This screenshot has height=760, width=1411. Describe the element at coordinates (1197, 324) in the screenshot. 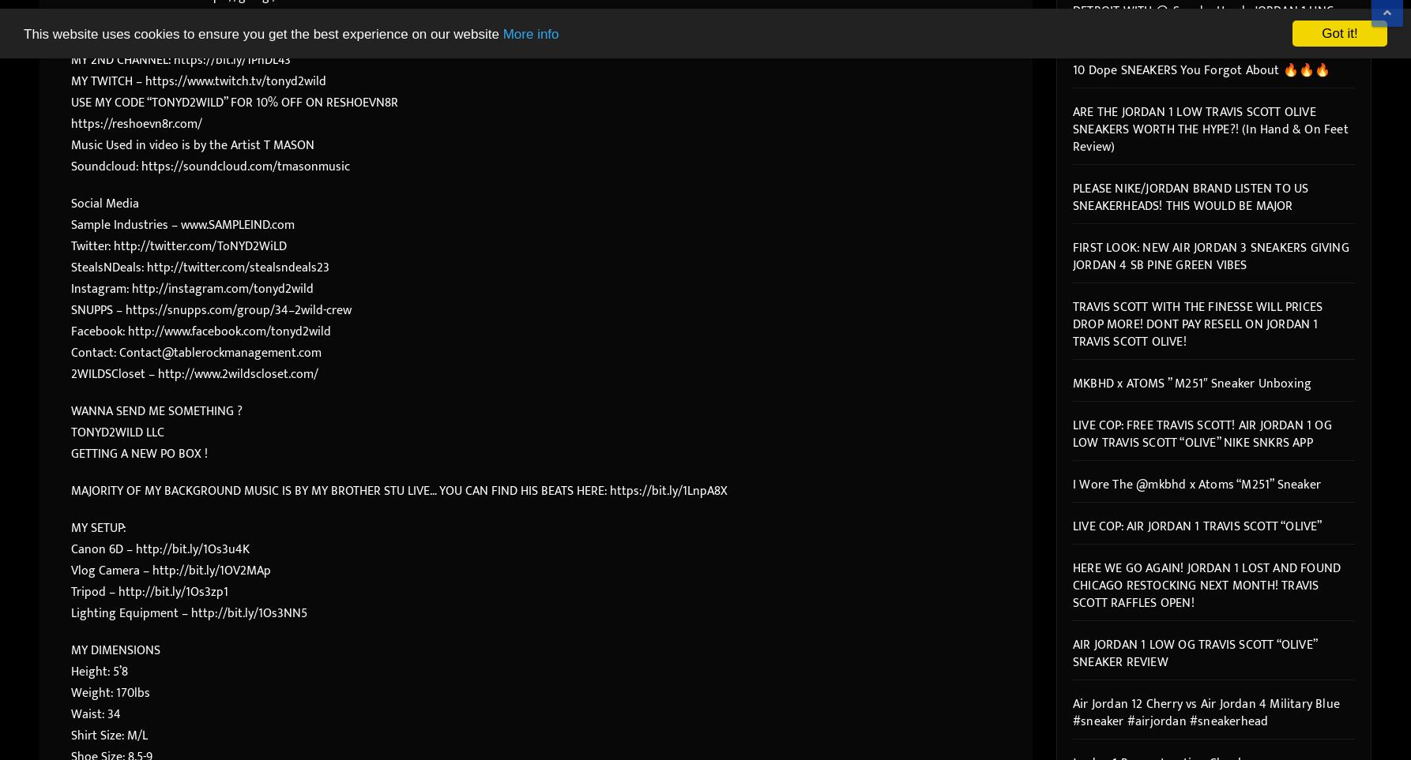

I see `'TRAVIS SCOTT WITH THE FINESSE WILL PRICES DROP MORE! DONT PAY RESELL ON JORDAN 1 TRAVIS SCOTT OLIVE!'` at that location.